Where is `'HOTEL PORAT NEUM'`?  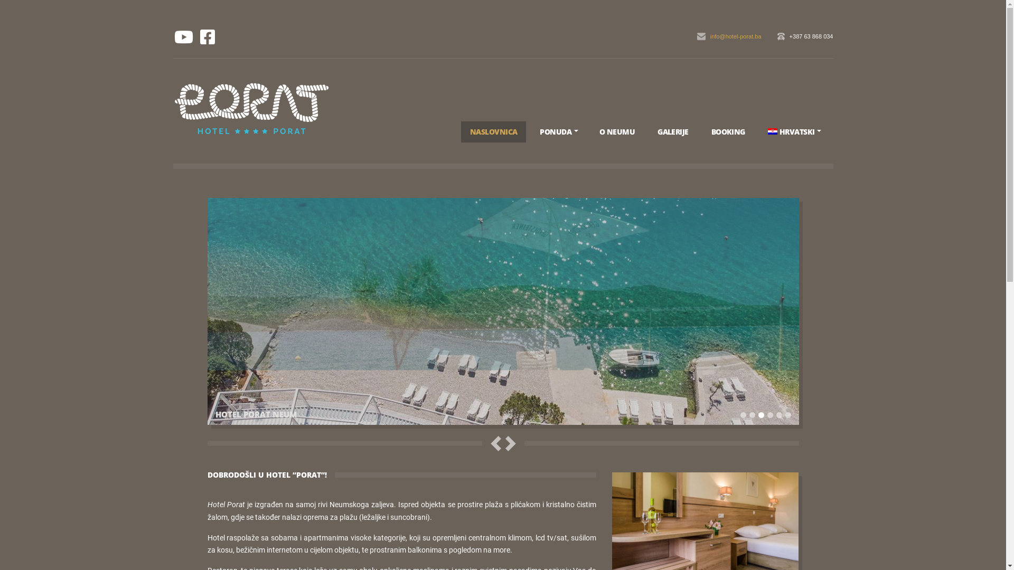
'HOTEL PORAT NEUM' is located at coordinates (207, 311).